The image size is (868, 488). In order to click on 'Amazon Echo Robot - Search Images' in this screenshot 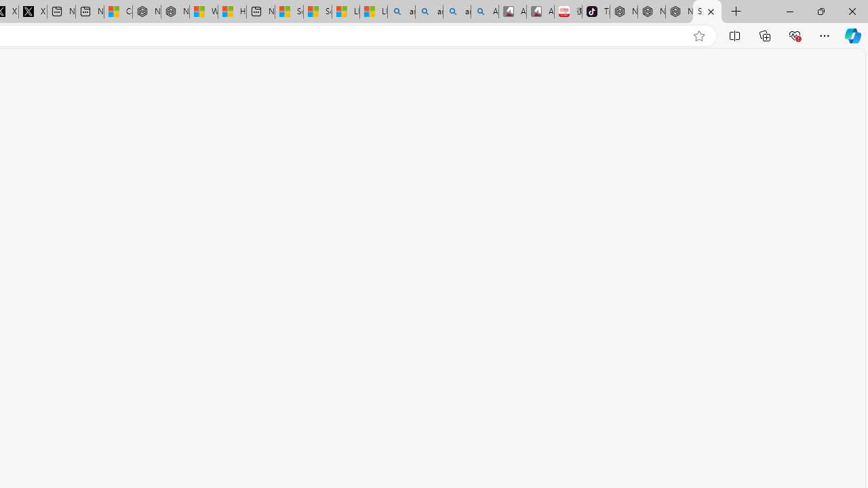, I will do `click(484, 12)`.